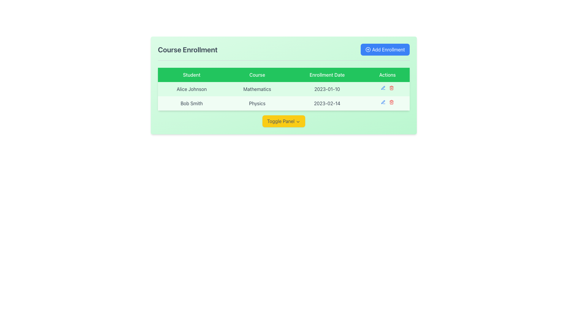  What do you see at coordinates (327, 74) in the screenshot?
I see `the 'Enrollment Date' label, which is the third label in a horizontal list of four labels in the header section of a table, featuring a green background and white text` at bounding box center [327, 74].